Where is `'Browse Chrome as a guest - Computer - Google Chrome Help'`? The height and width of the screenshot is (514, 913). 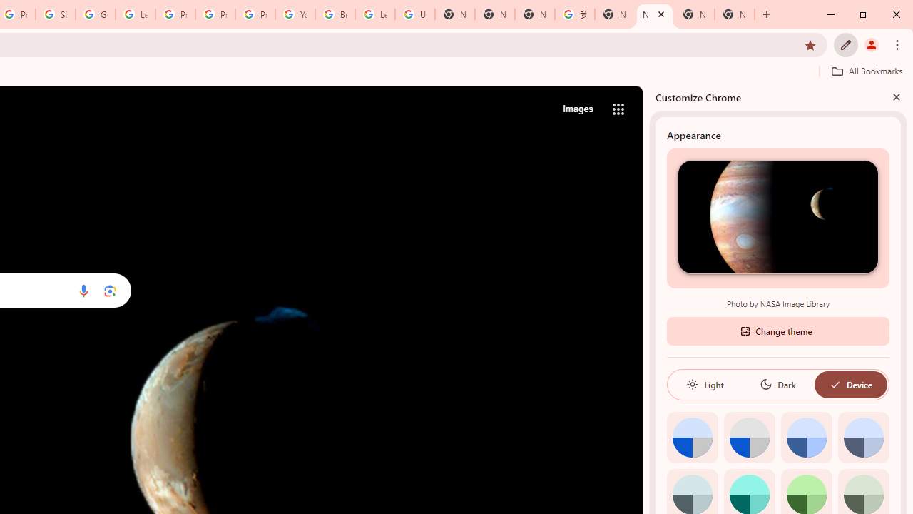
'Browse Chrome as a guest - Computer - Google Chrome Help' is located at coordinates (334, 14).